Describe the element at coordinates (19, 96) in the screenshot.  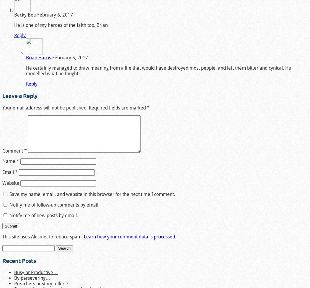
I see `'Leave a Reply'` at that location.